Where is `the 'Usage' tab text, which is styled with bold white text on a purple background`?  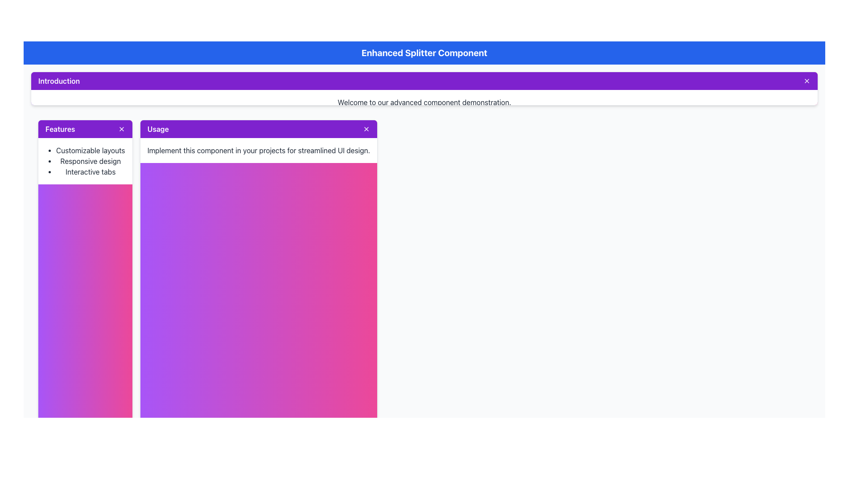 the 'Usage' tab text, which is styled with bold white text on a purple background is located at coordinates (158, 129).